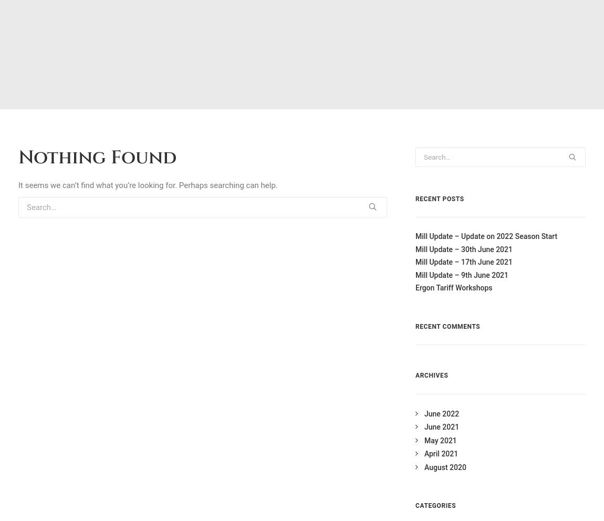 The image size is (604, 521). Describe the element at coordinates (472, 370) in the screenshot. I see `'E:'` at that location.